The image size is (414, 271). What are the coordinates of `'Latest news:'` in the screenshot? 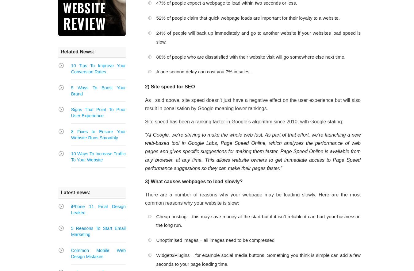 It's located at (75, 192).